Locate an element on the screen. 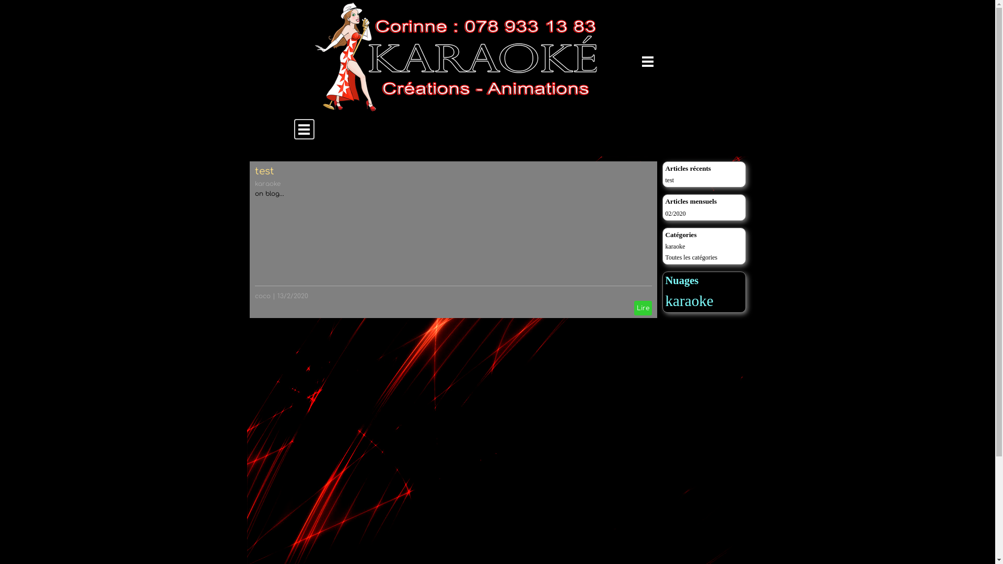  'karaoke' is located at coordinates (664, 300).